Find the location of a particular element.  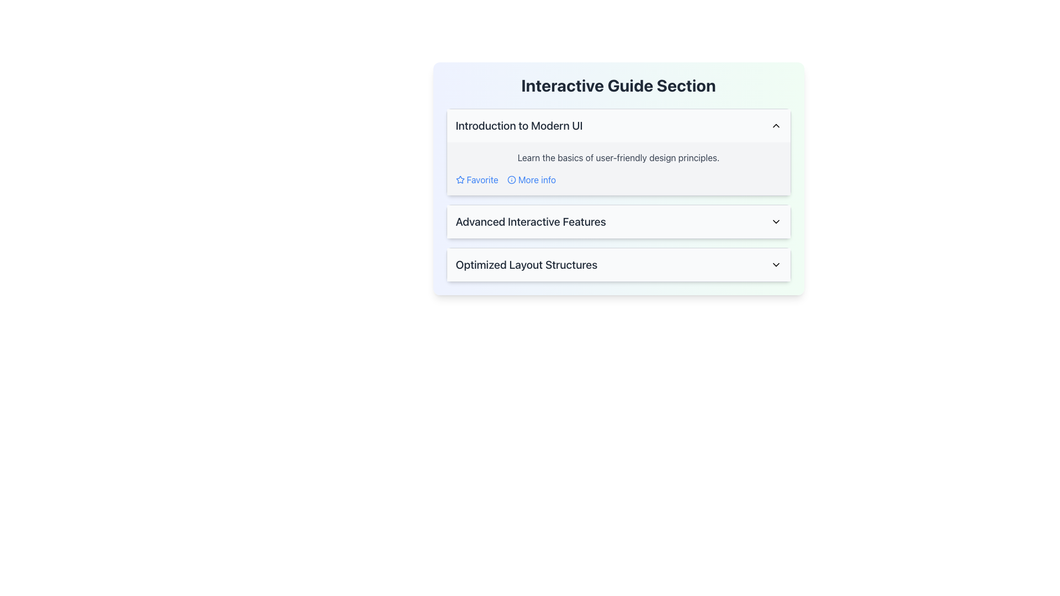

the hyperlink labeled 'More info' which is styled in blue and includes an informational icon on the left, in order is located at coordinates (532, 179).